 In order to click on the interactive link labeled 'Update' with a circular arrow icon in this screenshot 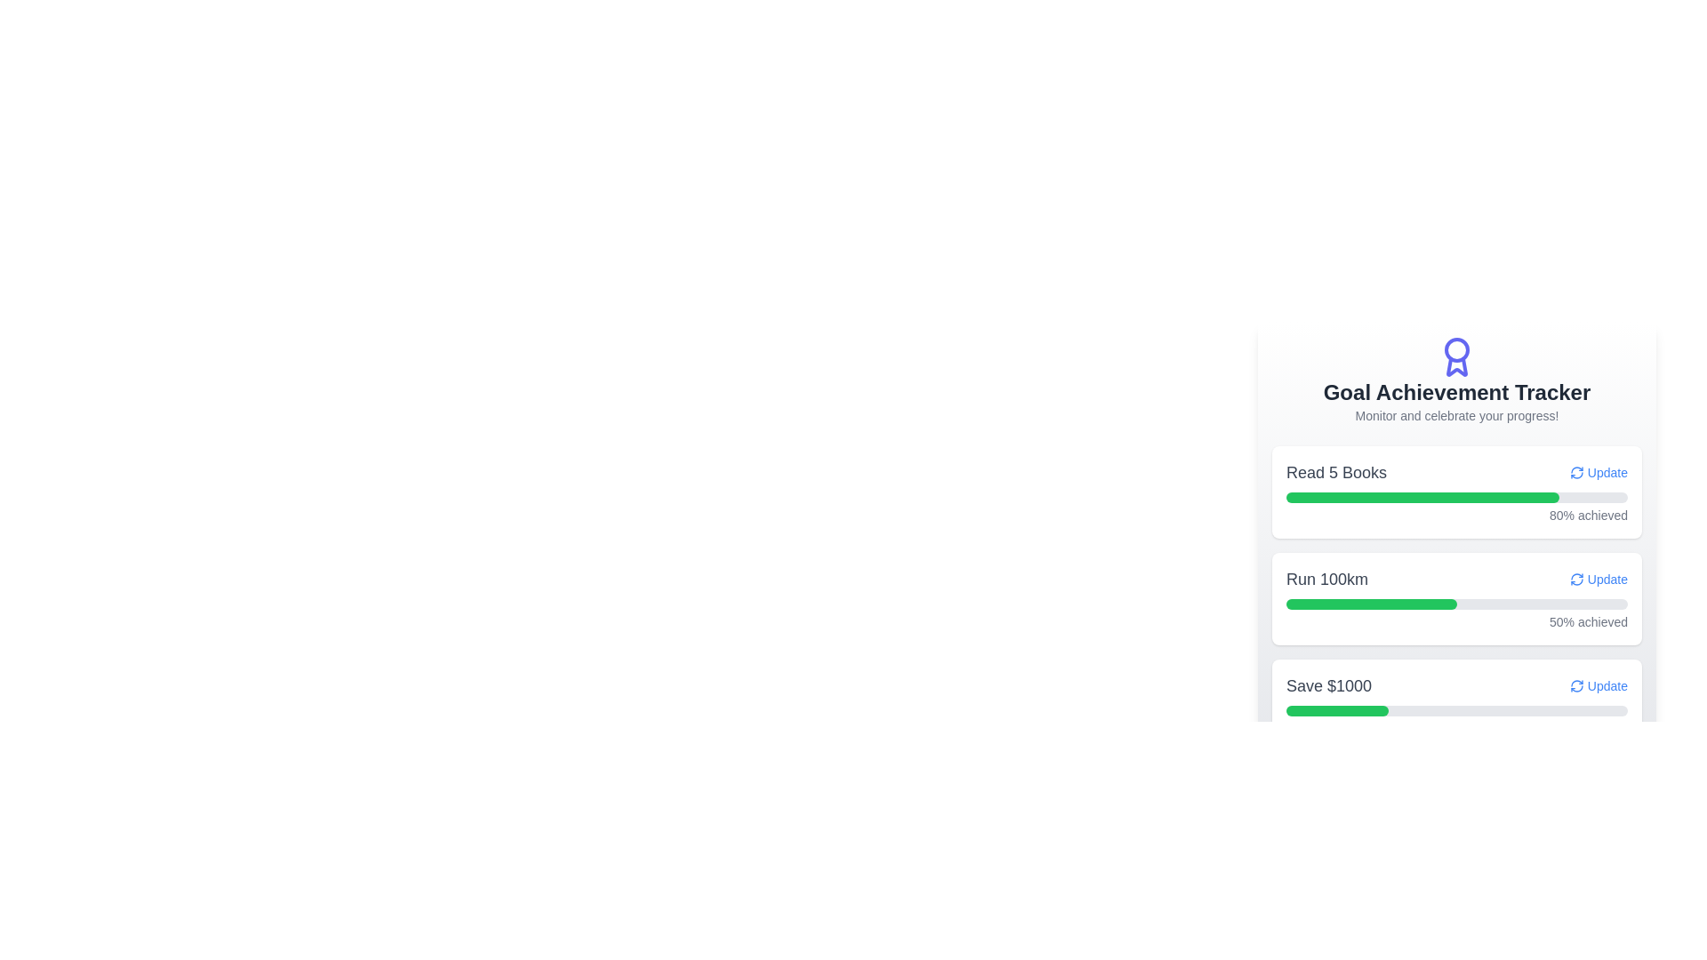, I will do `click(1599, 579)`.